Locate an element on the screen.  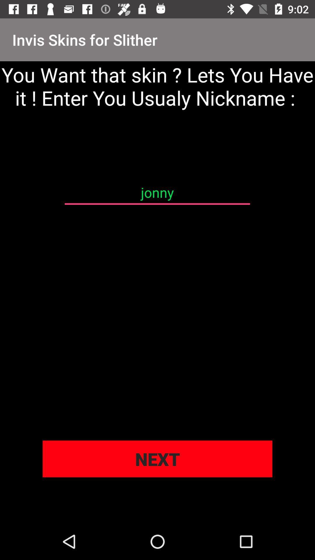
icon above next item is located at coordinates (157, 192).